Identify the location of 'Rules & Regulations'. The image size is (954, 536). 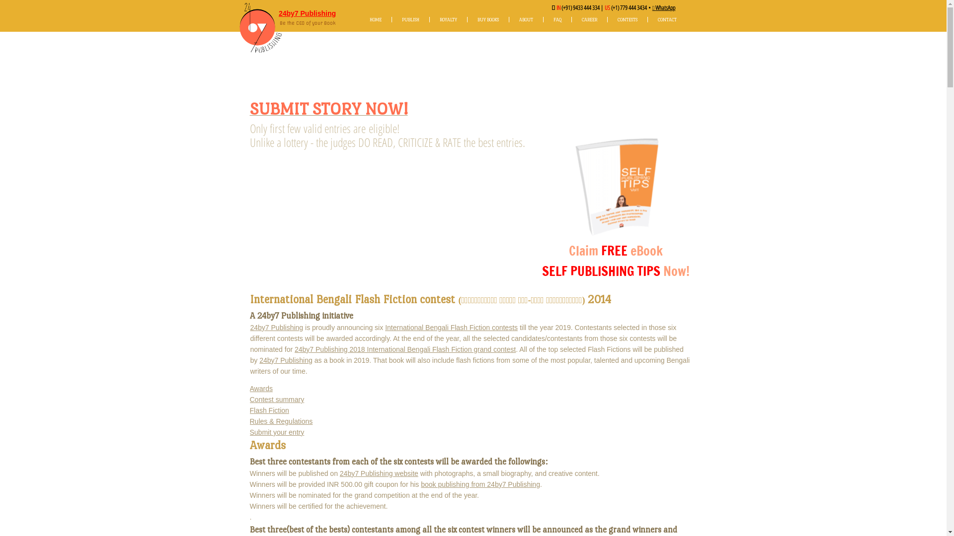
(280, 421).